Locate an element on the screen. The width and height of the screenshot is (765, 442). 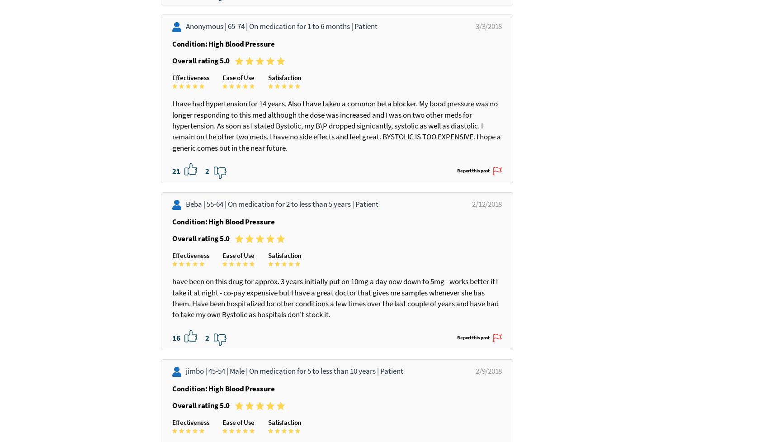
'I have had hypertension for 14 years. Also I have taken a common beta blocker. My bood pressure was no longer responding to this med although the dose was increased and I was on two other meds for hypertension. As soon as I stated Bystolic, my B\P dropped signicantly, systolic as well as diastolic. I remain on the other two meds. I have no side effects and feel great. BYSTOLIC IS TOO EXPENSIVE. I hope a generic comes out in the near future.' is located at coordinates (172, 202).